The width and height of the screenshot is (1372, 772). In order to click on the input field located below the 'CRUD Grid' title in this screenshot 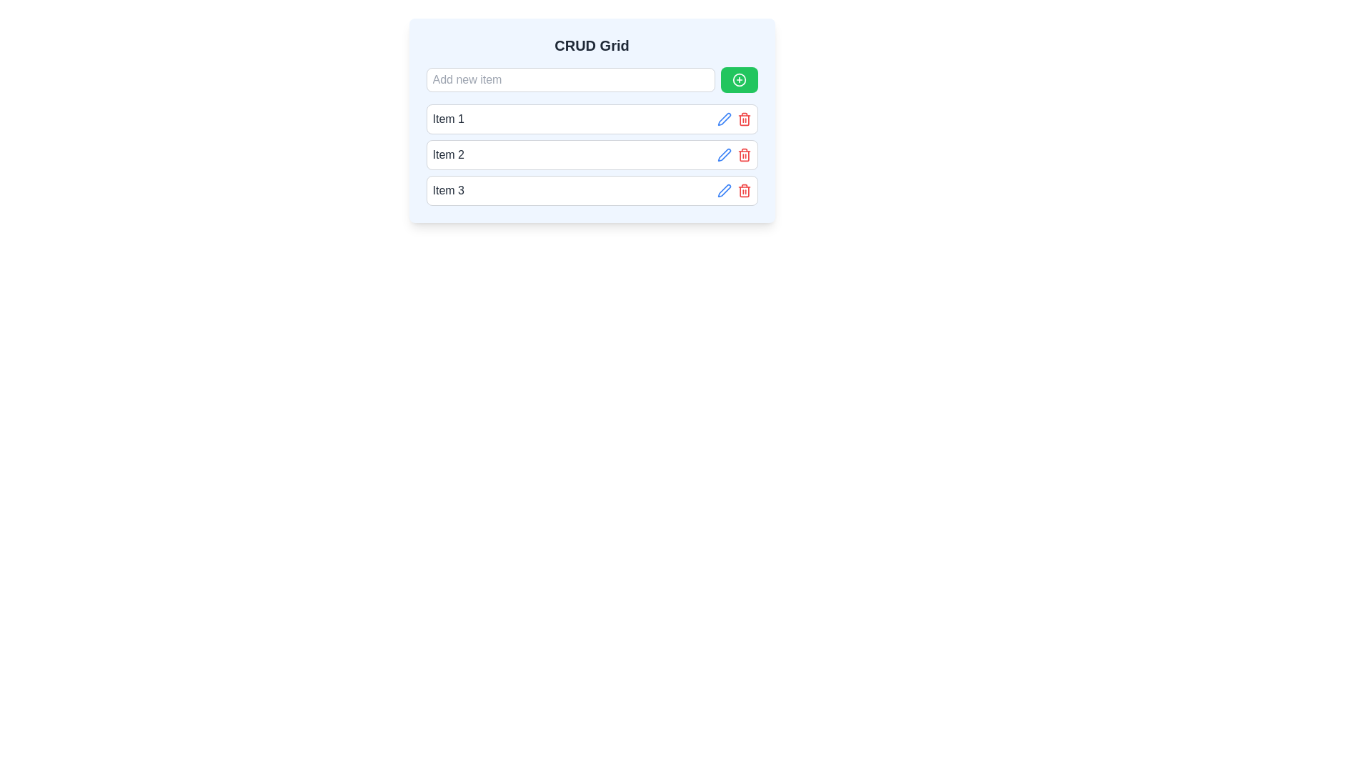, I will do `click(592, 79)`.